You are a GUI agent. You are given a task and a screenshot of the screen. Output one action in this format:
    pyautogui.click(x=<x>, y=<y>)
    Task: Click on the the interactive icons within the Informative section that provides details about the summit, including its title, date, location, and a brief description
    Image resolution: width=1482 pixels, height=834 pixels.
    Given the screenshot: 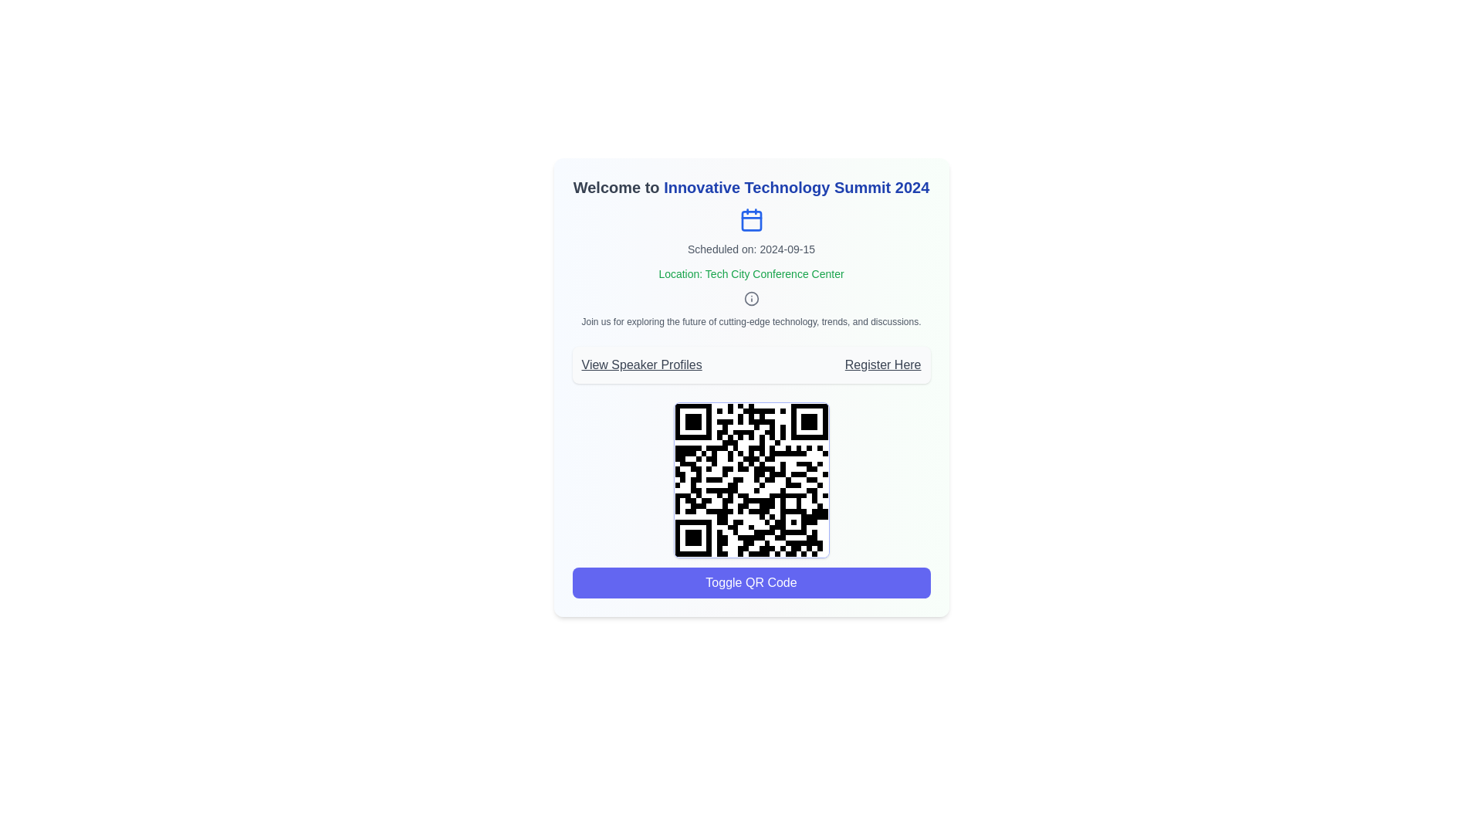 What is the action you would take?
    pyautogui.click(x=751, y=252)
    